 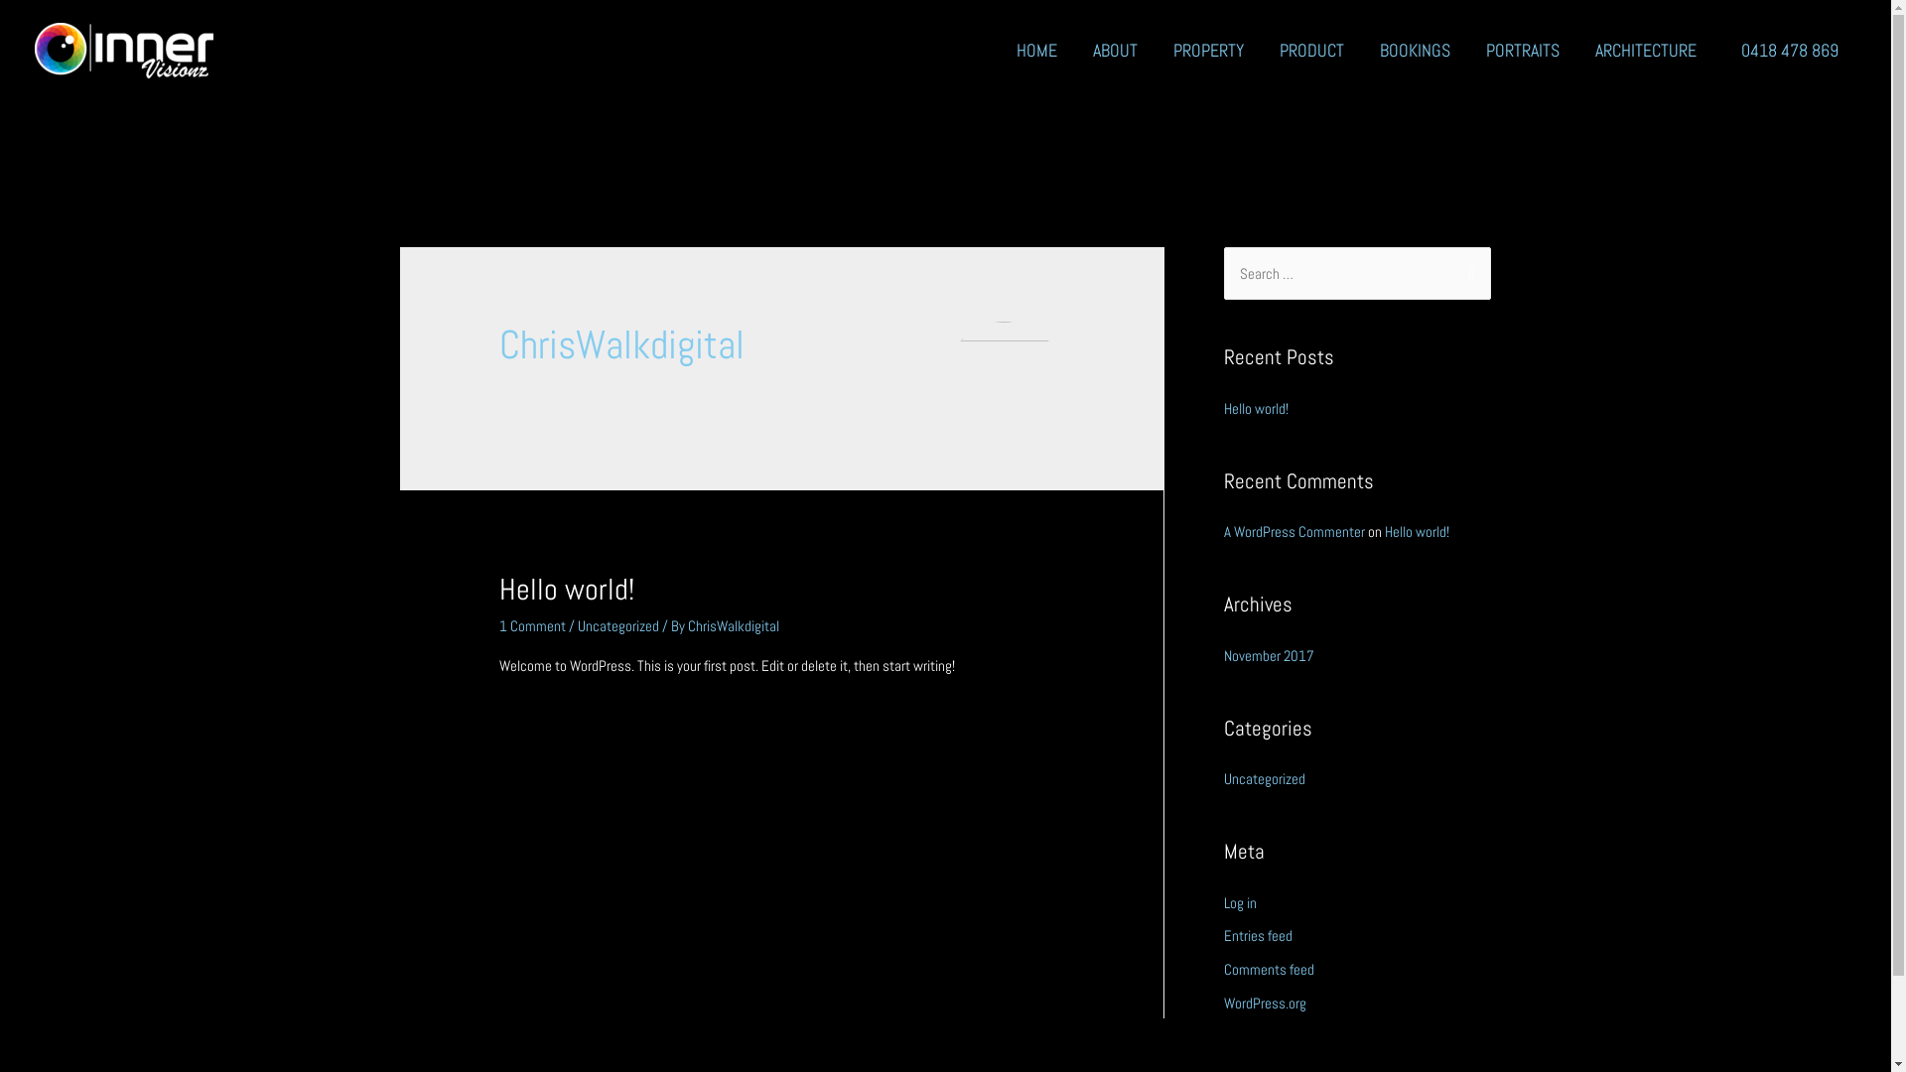 I want to click on 'November 2017', so click(x=1267, y=654).